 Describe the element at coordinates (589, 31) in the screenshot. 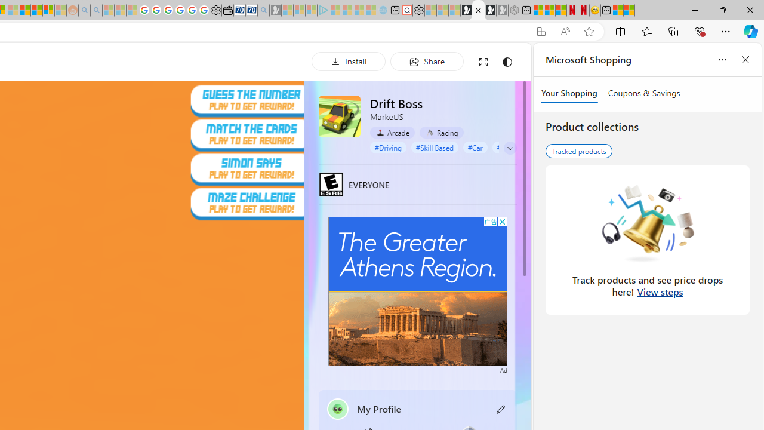

I see `'Add this page to favorites (Ctrl+D)'` at that location.